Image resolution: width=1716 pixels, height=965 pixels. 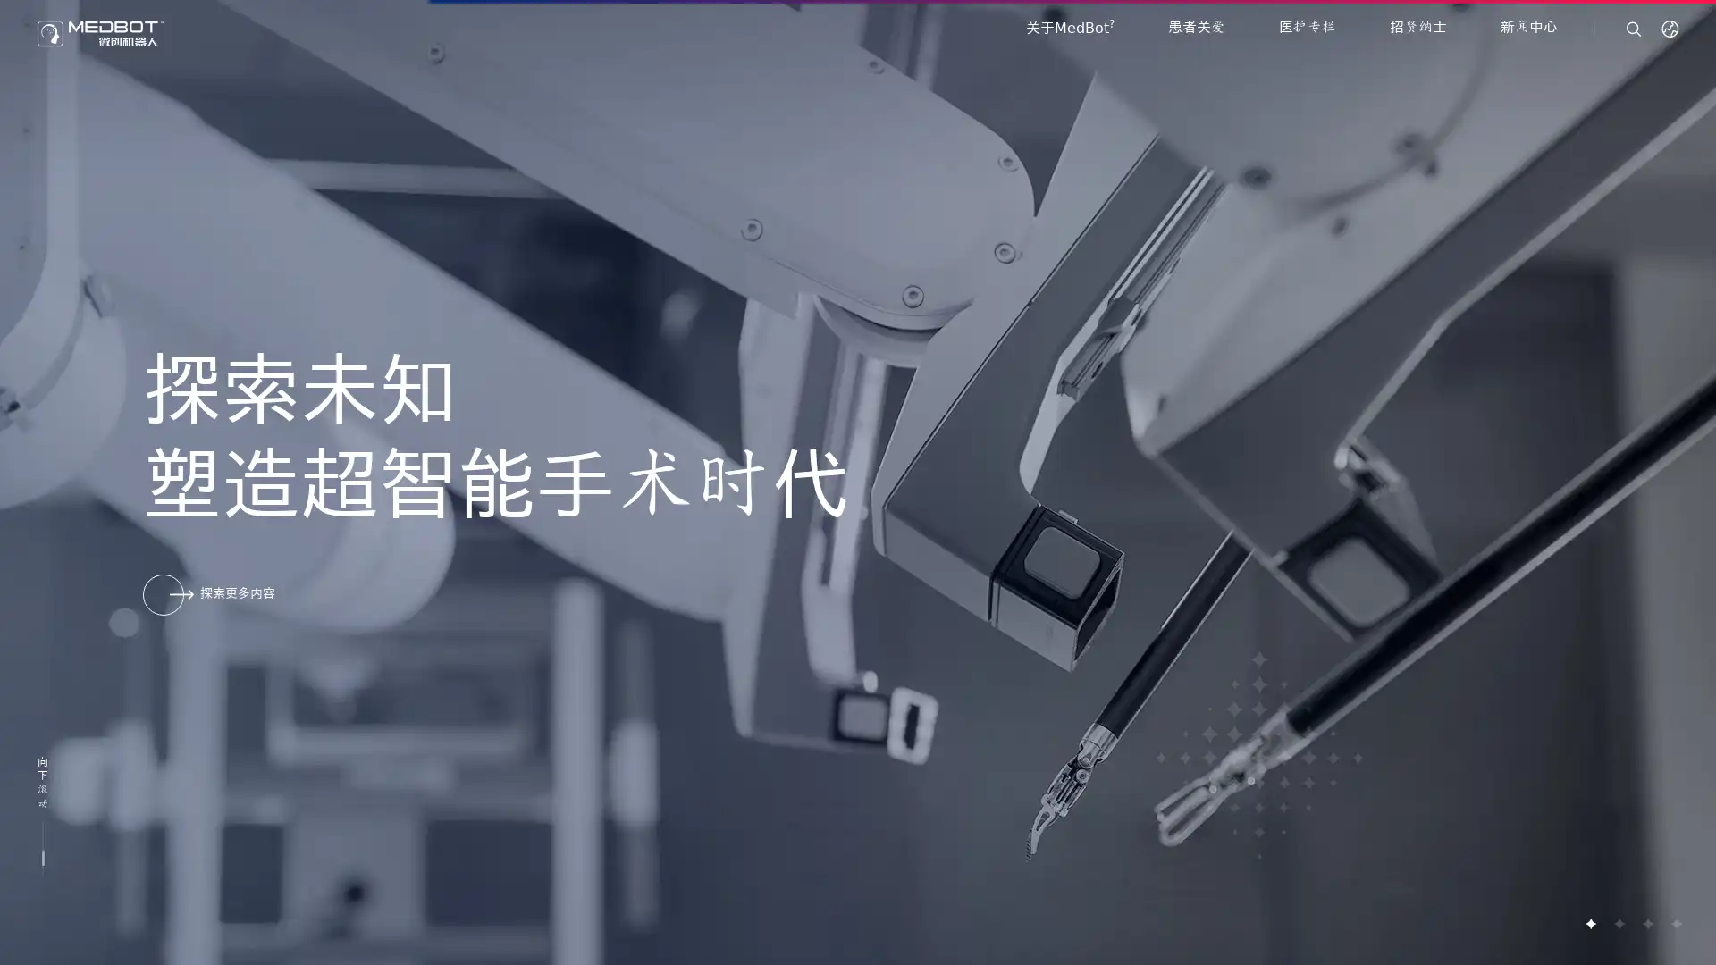 I want to click on Go to slide 3, so click(x=1646, y=923).